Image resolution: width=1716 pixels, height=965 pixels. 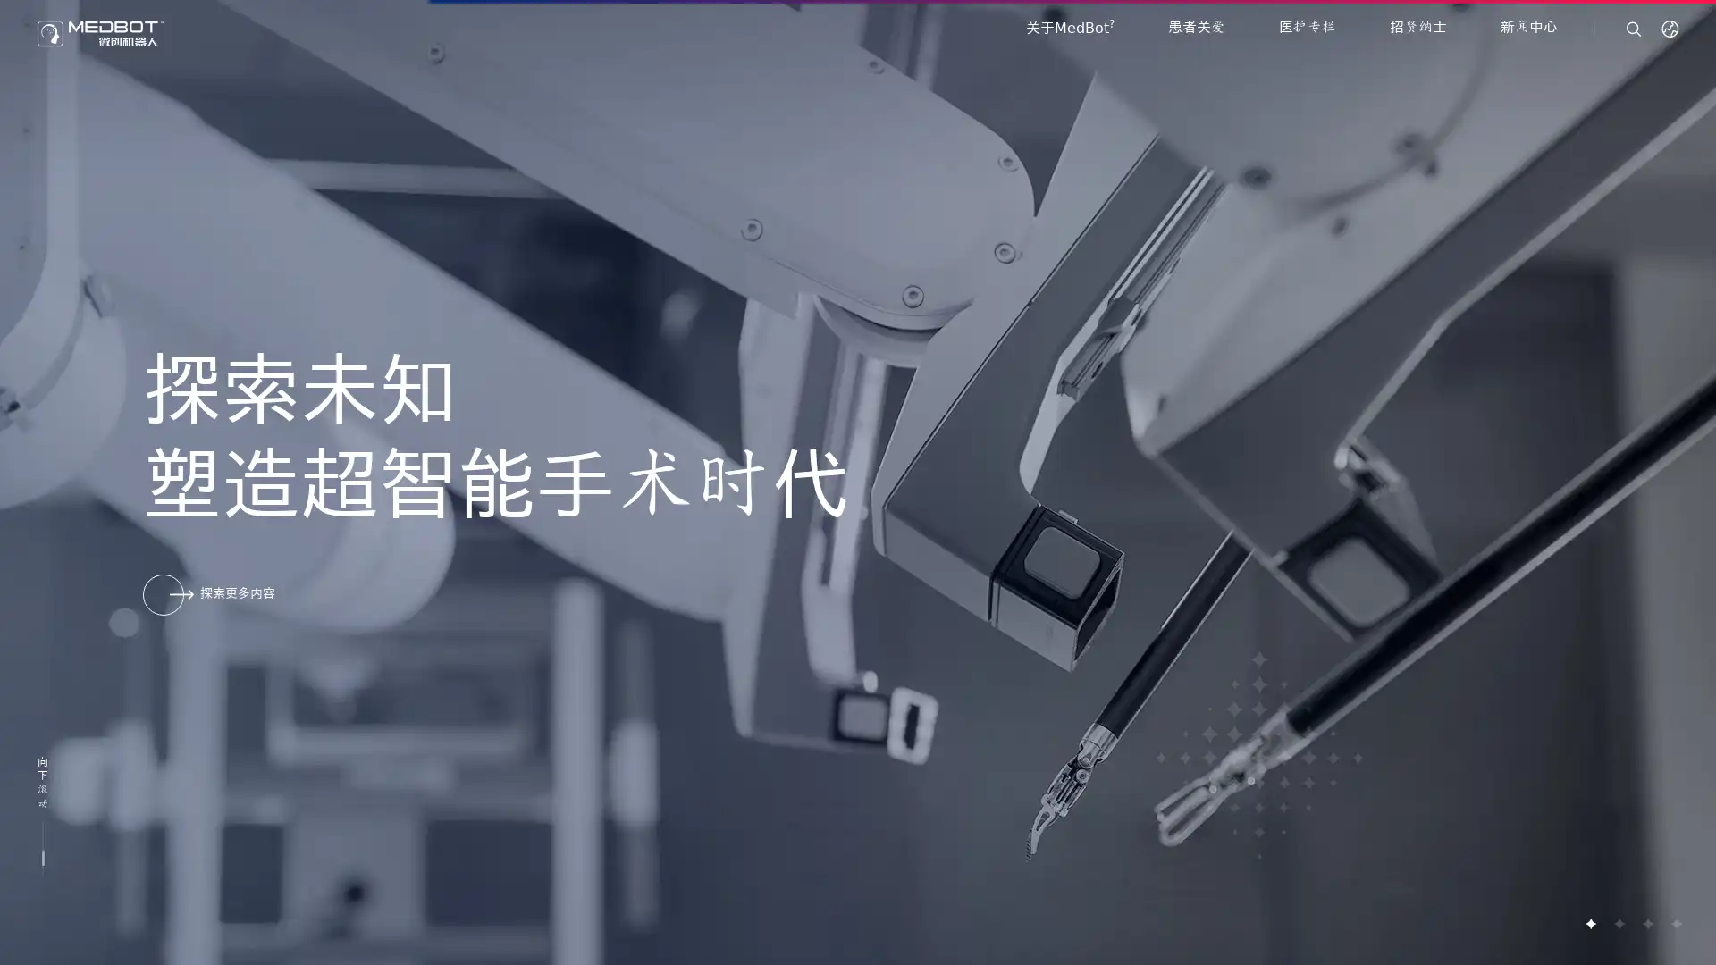 I want to click on Go to slide 3, so click(x=1646, y=923).